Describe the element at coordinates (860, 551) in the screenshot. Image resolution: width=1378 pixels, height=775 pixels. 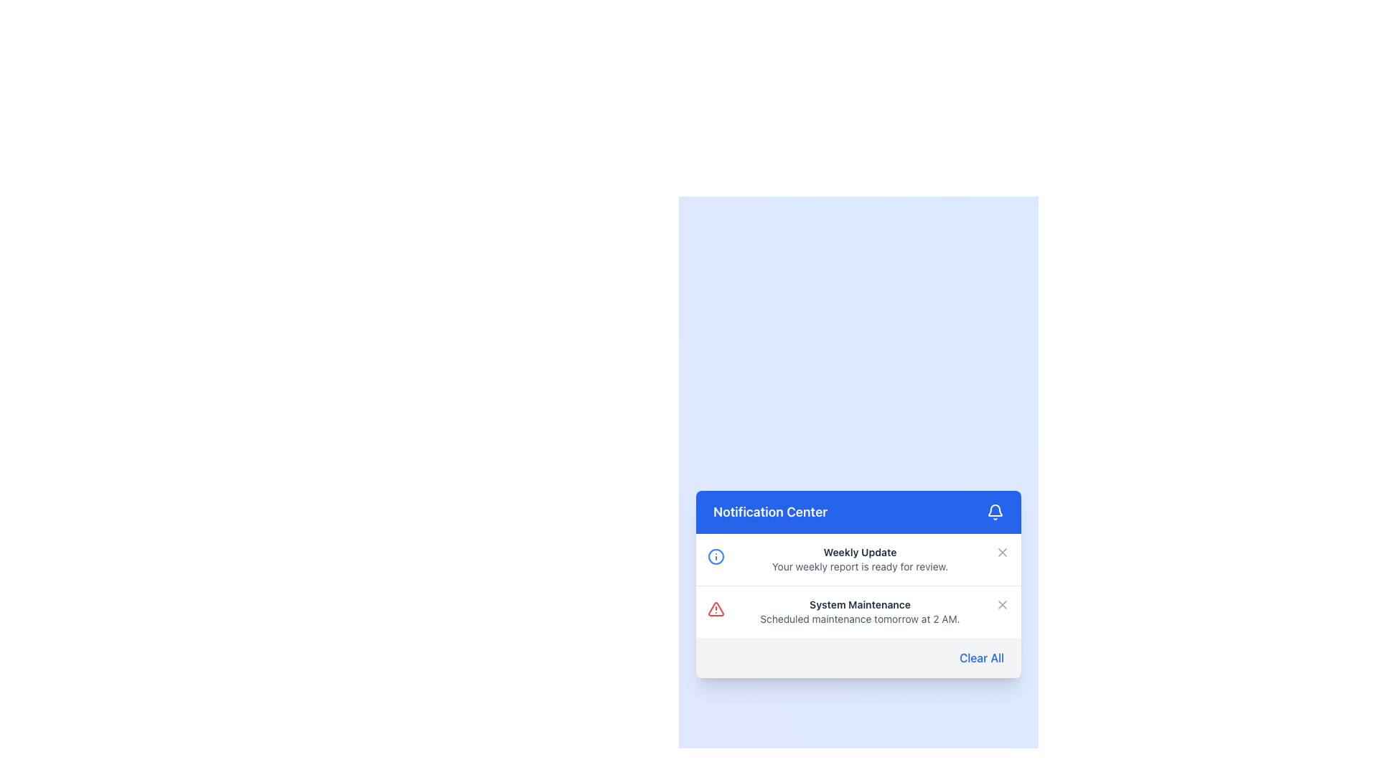
I see `the Text element that serves as a title or heading for the notification, located at the upper part of the notification panel under the 'Notification Center' header` at that location.